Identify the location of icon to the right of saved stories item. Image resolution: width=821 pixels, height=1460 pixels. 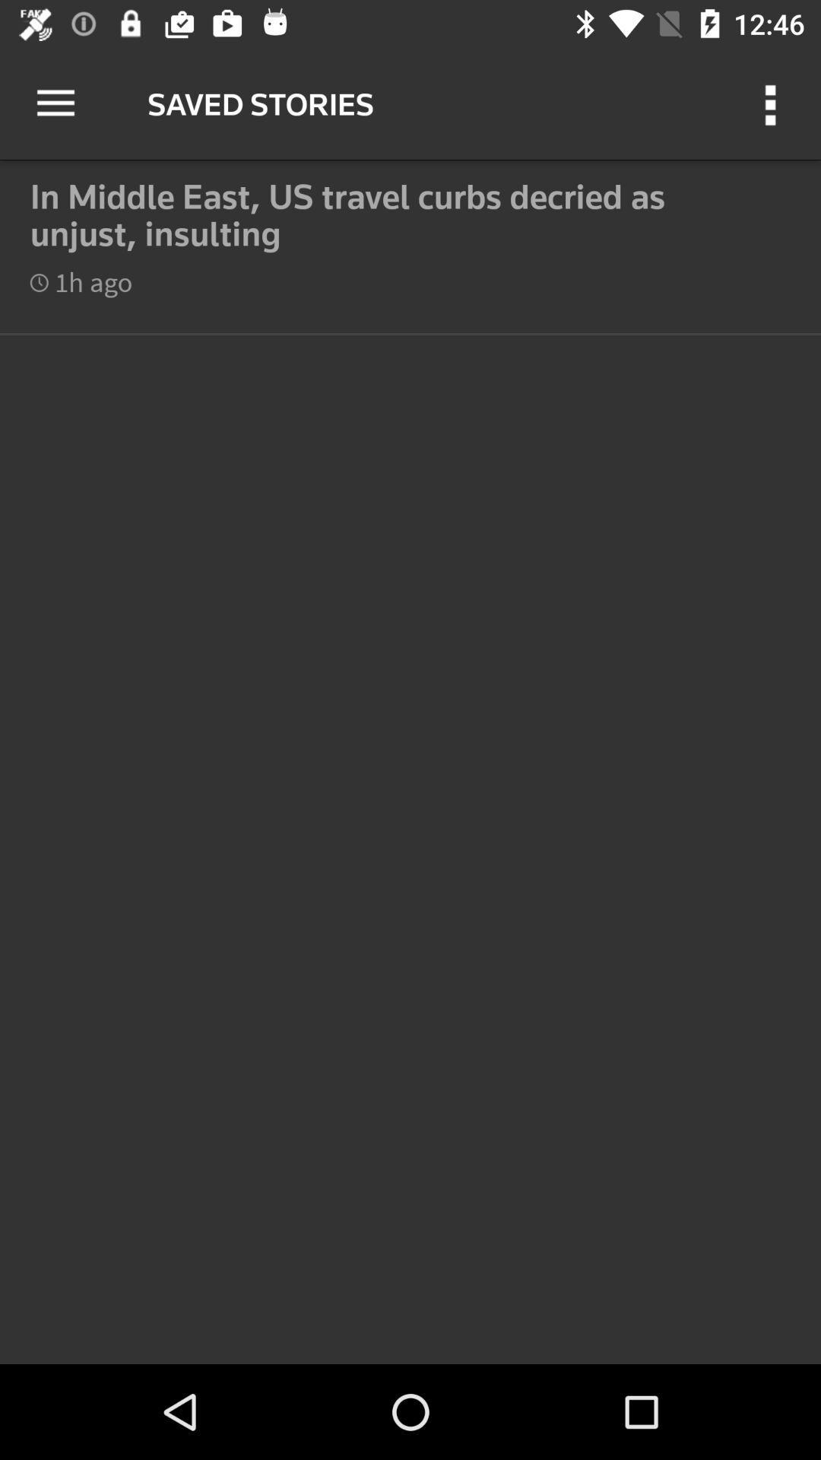
(773, 103).